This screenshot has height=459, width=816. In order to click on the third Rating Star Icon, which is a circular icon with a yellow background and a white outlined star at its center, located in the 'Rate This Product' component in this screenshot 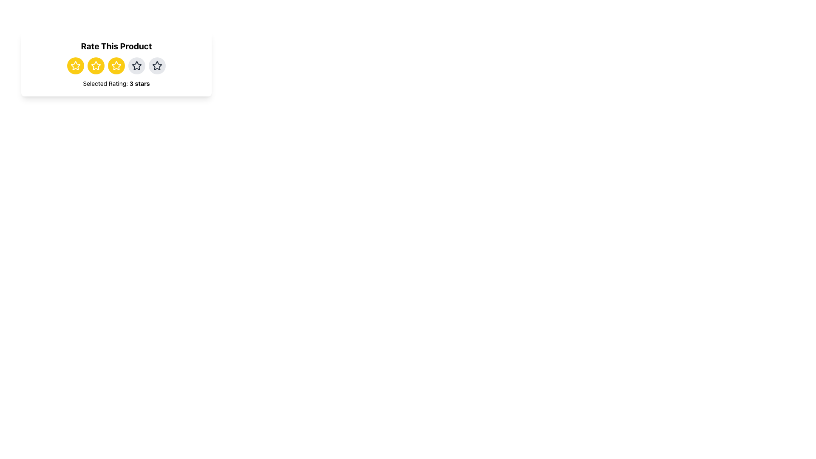, I will do `click(116, 65)`.